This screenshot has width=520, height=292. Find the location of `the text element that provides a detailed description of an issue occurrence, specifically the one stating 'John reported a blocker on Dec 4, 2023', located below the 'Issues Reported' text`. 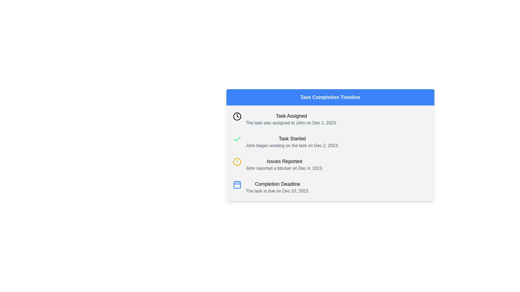

the text element that provides a detailed description of an issue occurrence, specifically the one stating 'John reported a blocker on Dec 4, 2023', located below the 'Issues Reported' text is located at coordinates (284, 168).